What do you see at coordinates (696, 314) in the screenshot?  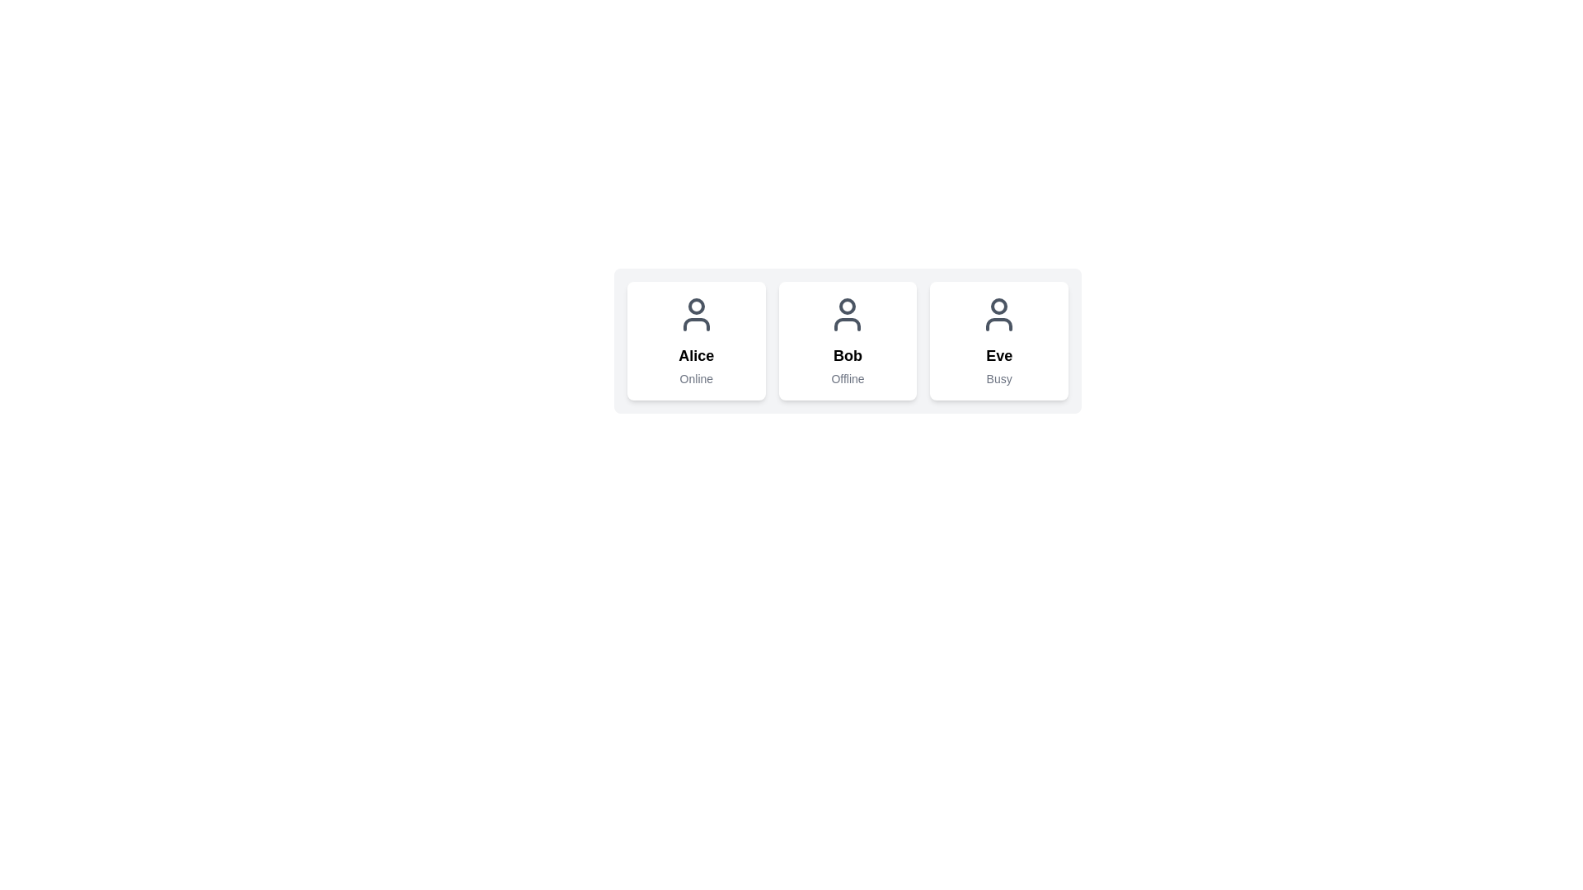 I see `the user icon representing 'Alice' in the leftmost user card layout` at bounding box center [696, 314].